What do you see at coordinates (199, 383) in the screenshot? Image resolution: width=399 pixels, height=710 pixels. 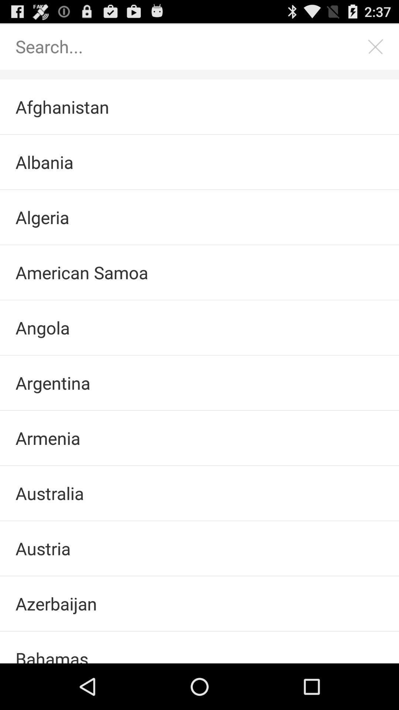 I see `checkbox above the armenia` at bounding box center [199, 383].